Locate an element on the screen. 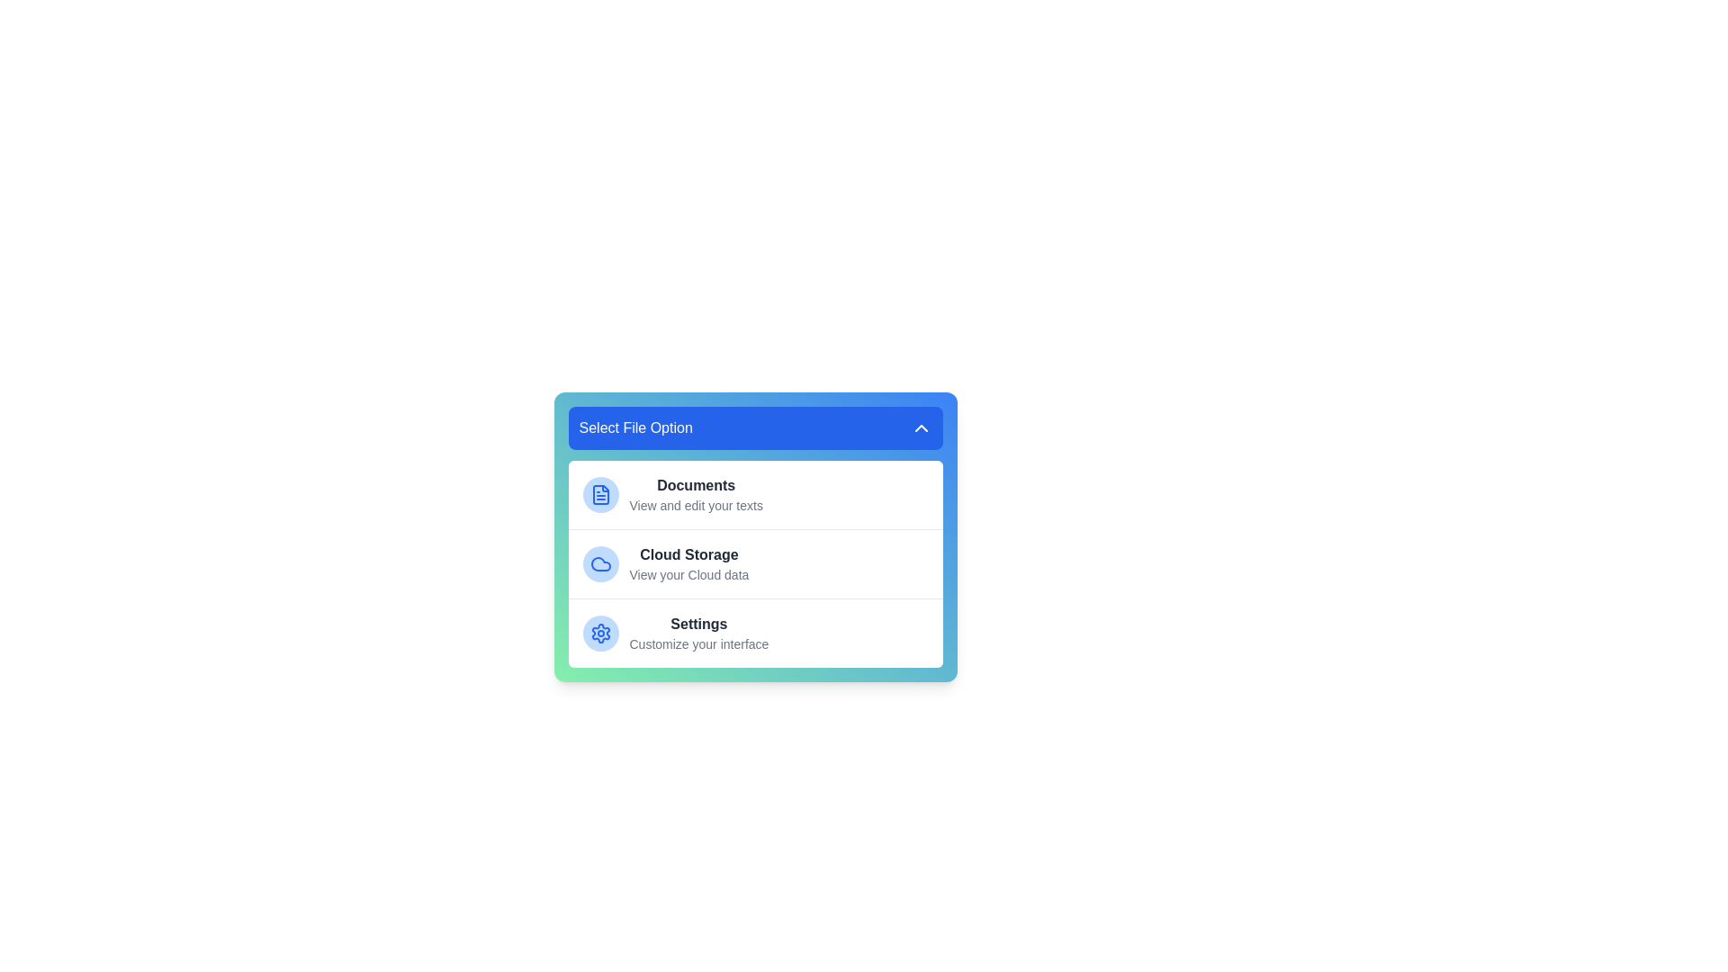 The height and width of the screenshot is (972, 1728). the cloud storage icon located in the second row of the 'Select File Option' menu, which is positioned before the text 'Cloud Storage' is located at coordinates (600, 563).